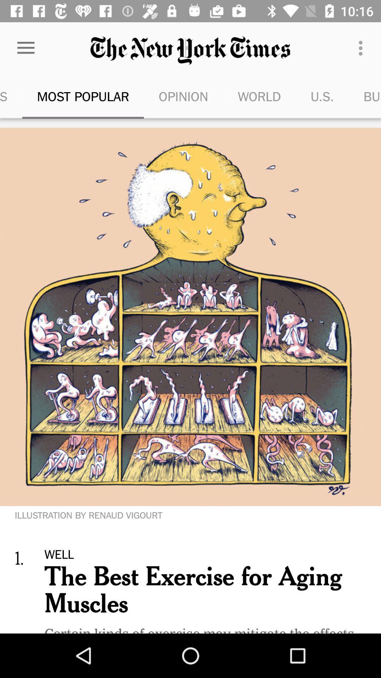 This screenshot has width=381, height=678. I want to click on item above u.s., so click(362, 48).